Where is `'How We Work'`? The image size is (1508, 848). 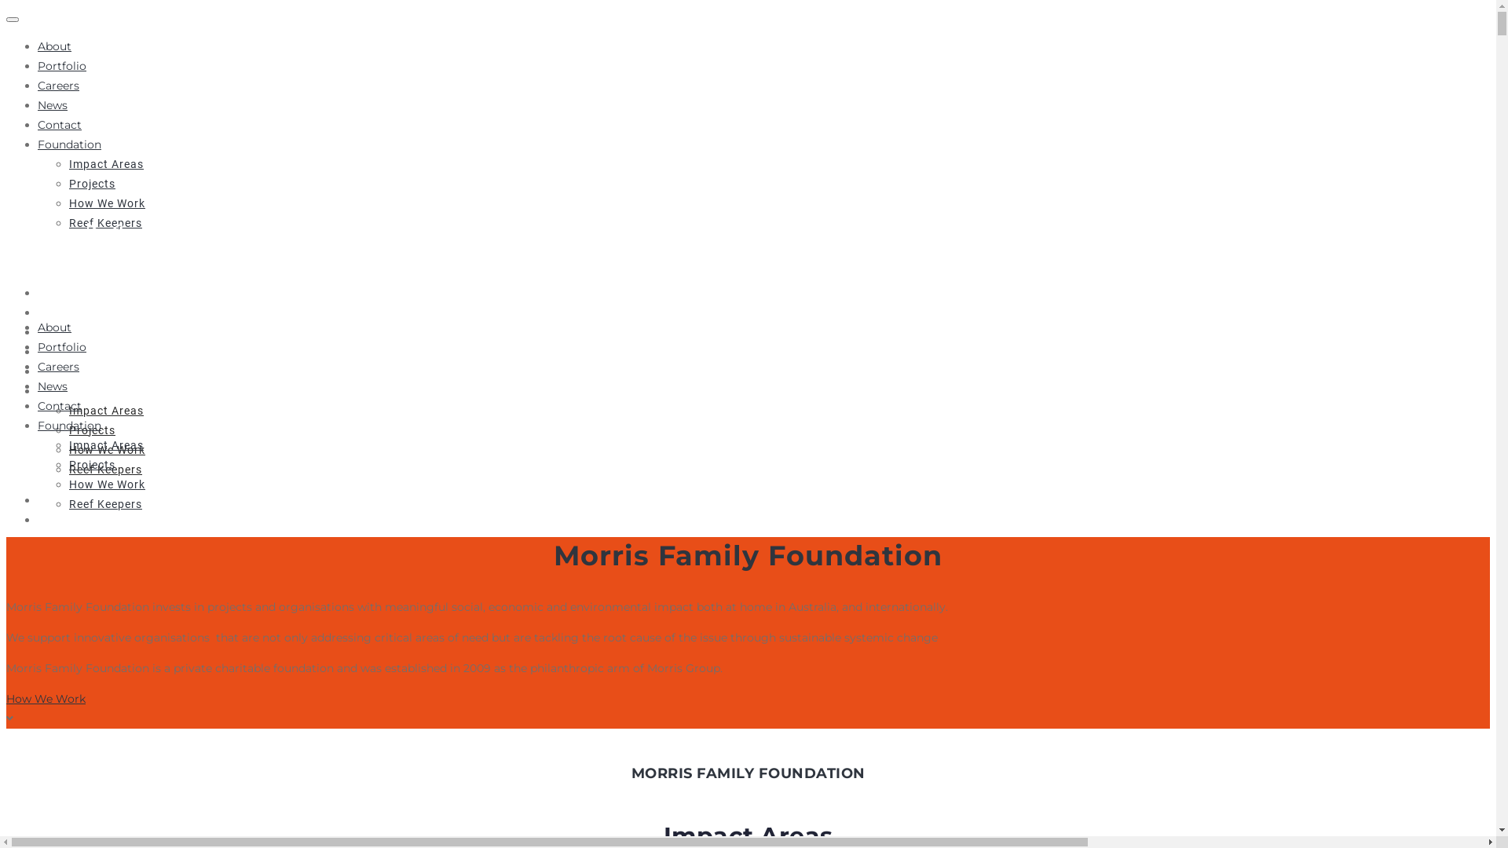
'How We Work' is located at coordinates (106, 484).